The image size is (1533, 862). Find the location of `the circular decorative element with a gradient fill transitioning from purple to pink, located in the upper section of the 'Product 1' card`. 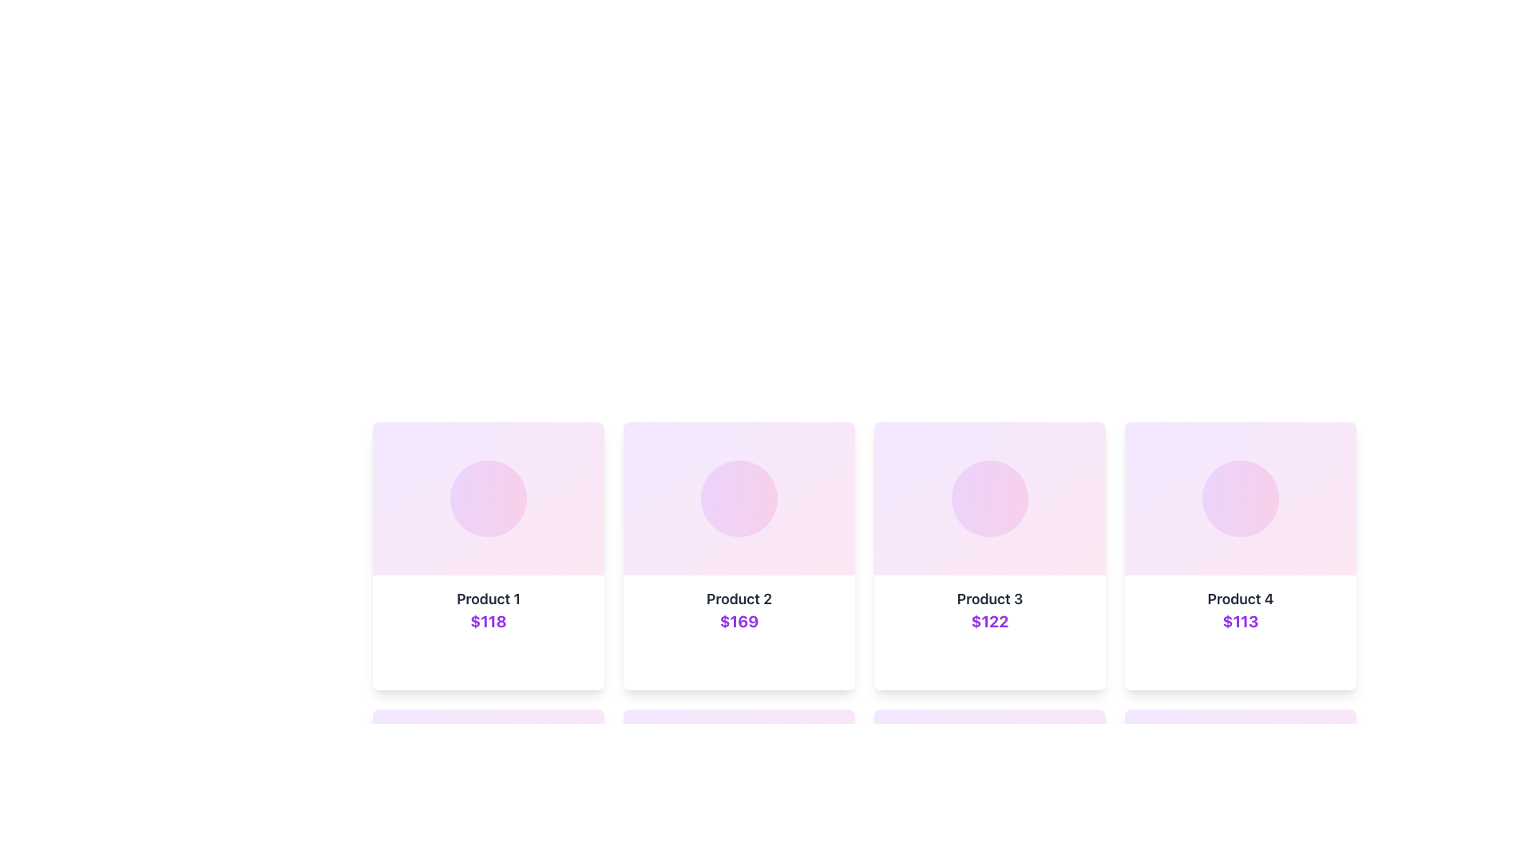

the circular decorative element with a gradient fill transitioning from purple to pink, located in the upper section of the 'Product 1' card is located at coordinates (487, 497).